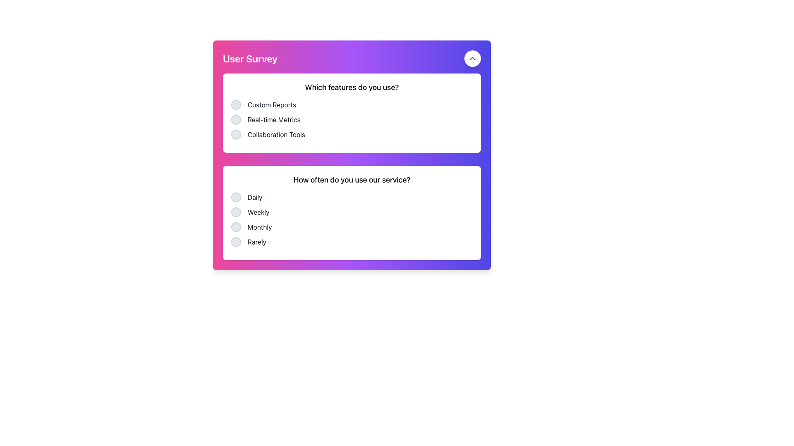  I want to click on the radio button, so click(236, 197).